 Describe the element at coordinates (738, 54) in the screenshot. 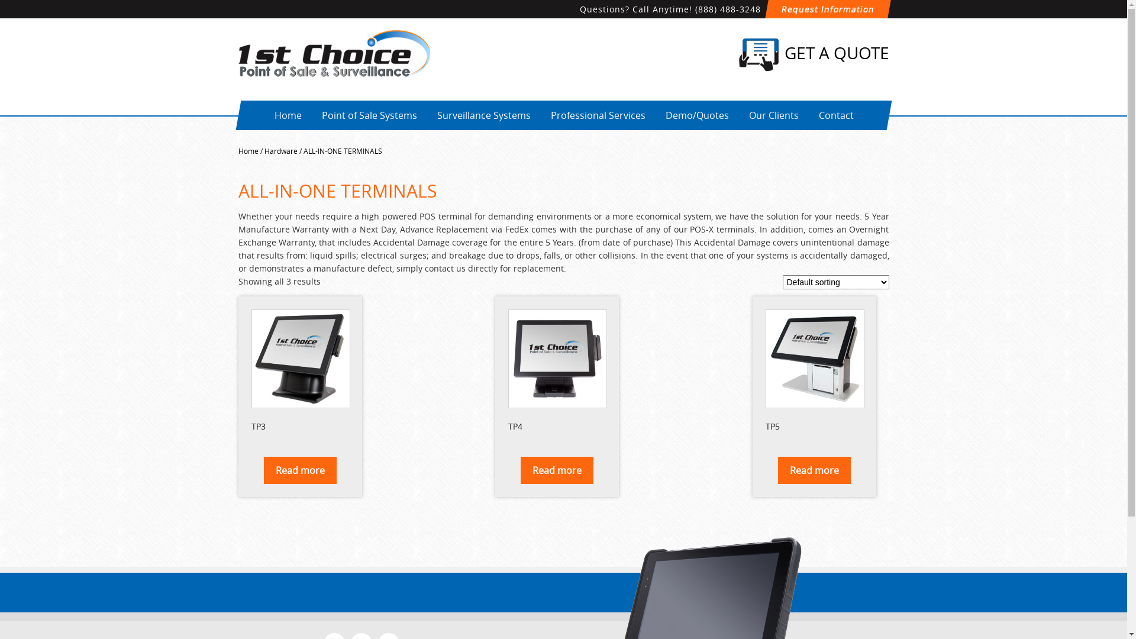

I see `'GET A QUOTE'` at that location.